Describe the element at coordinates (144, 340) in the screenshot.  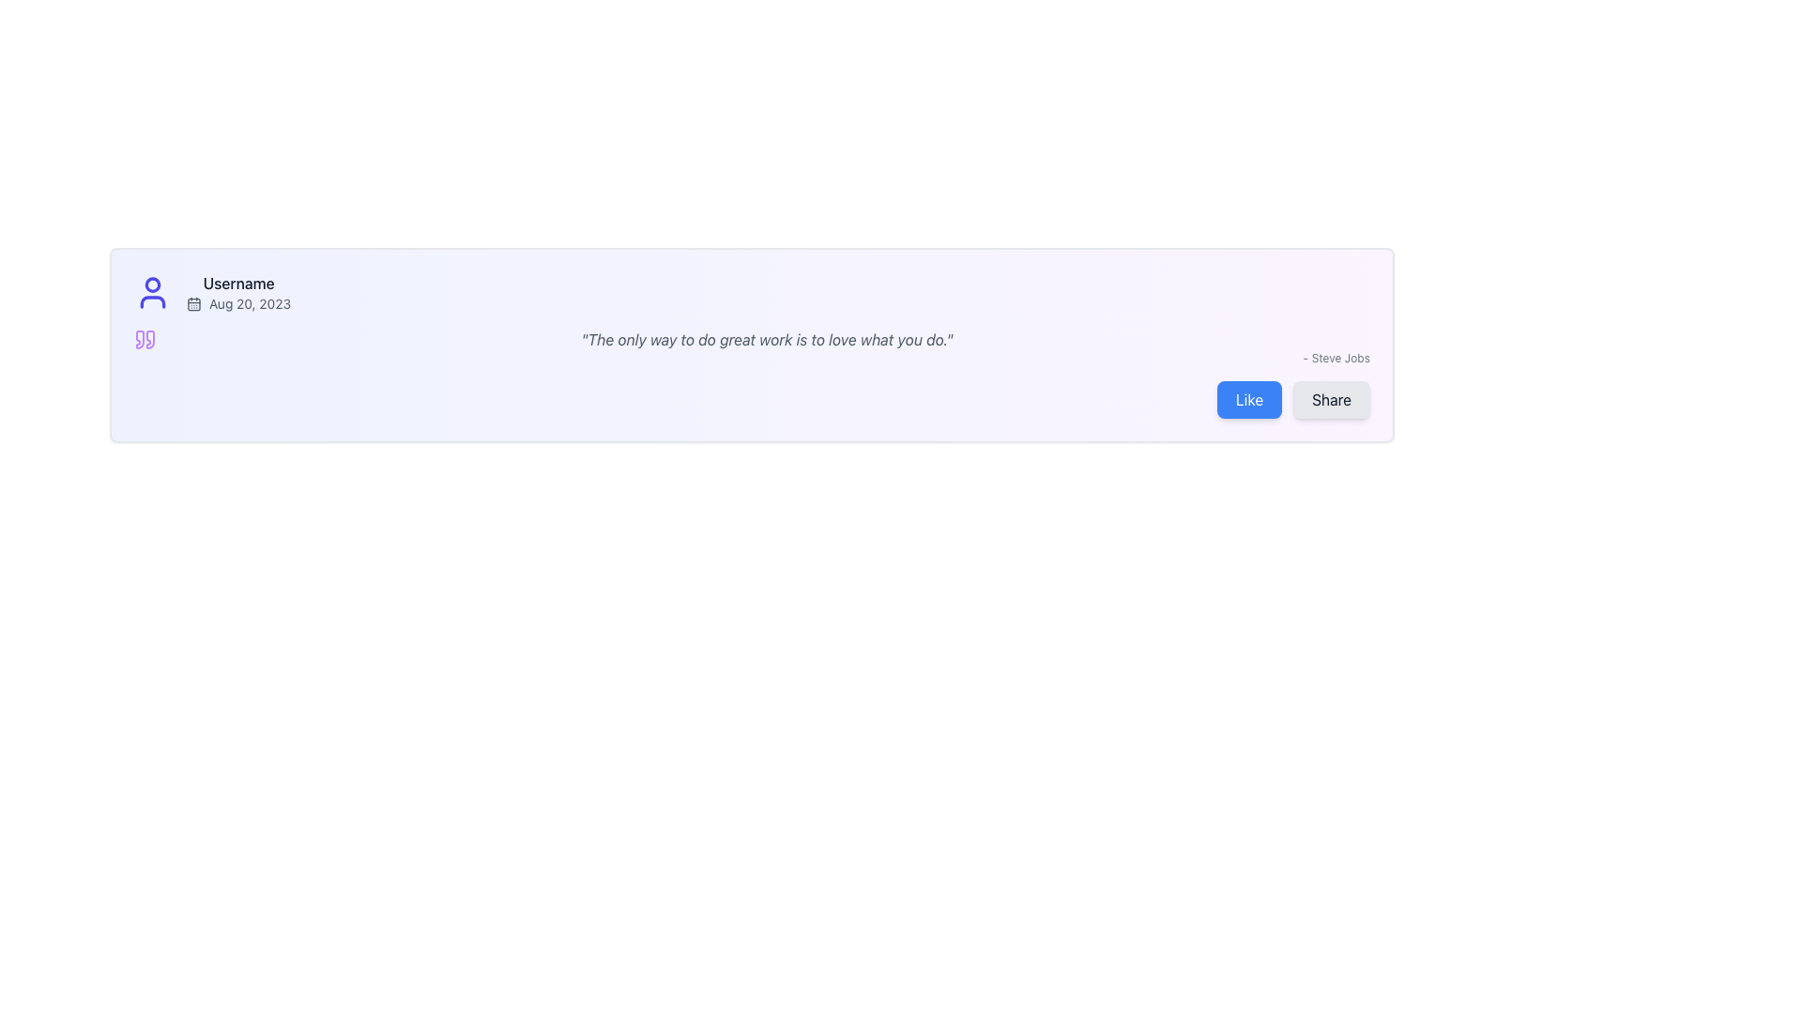
I see `the decorative quotation mark icon, which is an SVG element located to the left of the quote 'The only way to do great work is to love what you do.'` at that location.